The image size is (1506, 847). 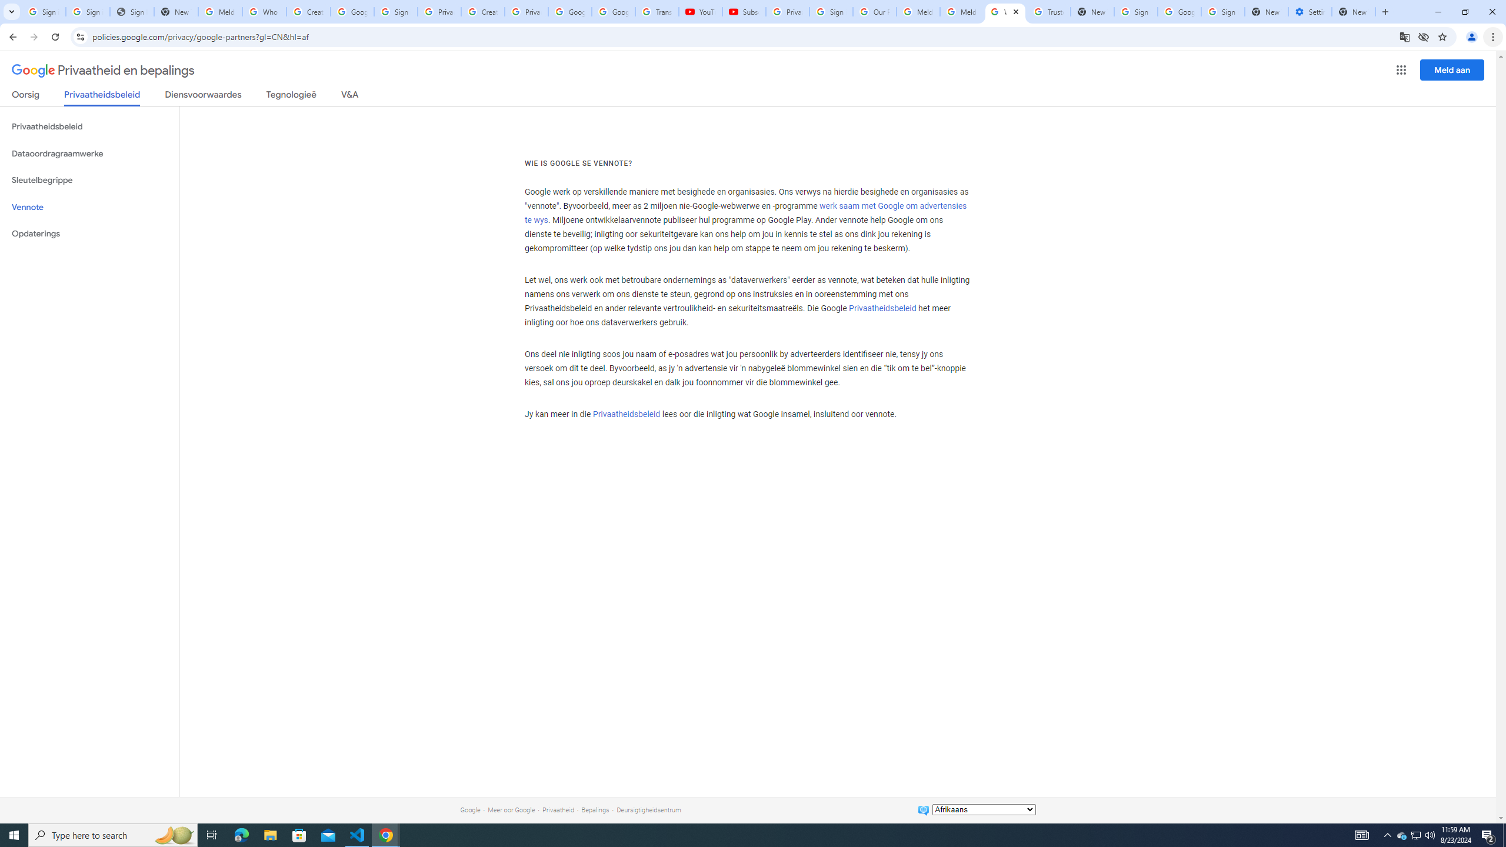 I want to click on 'Google Account', so click(x=612, y=11).